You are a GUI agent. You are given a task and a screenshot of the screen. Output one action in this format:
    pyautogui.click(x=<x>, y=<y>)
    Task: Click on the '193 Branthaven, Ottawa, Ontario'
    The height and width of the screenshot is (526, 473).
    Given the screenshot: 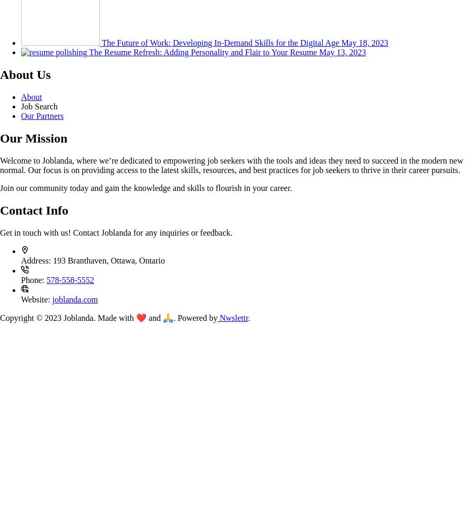 What is the action you would take?
    pyautogui.click(x=108, y=259)
    